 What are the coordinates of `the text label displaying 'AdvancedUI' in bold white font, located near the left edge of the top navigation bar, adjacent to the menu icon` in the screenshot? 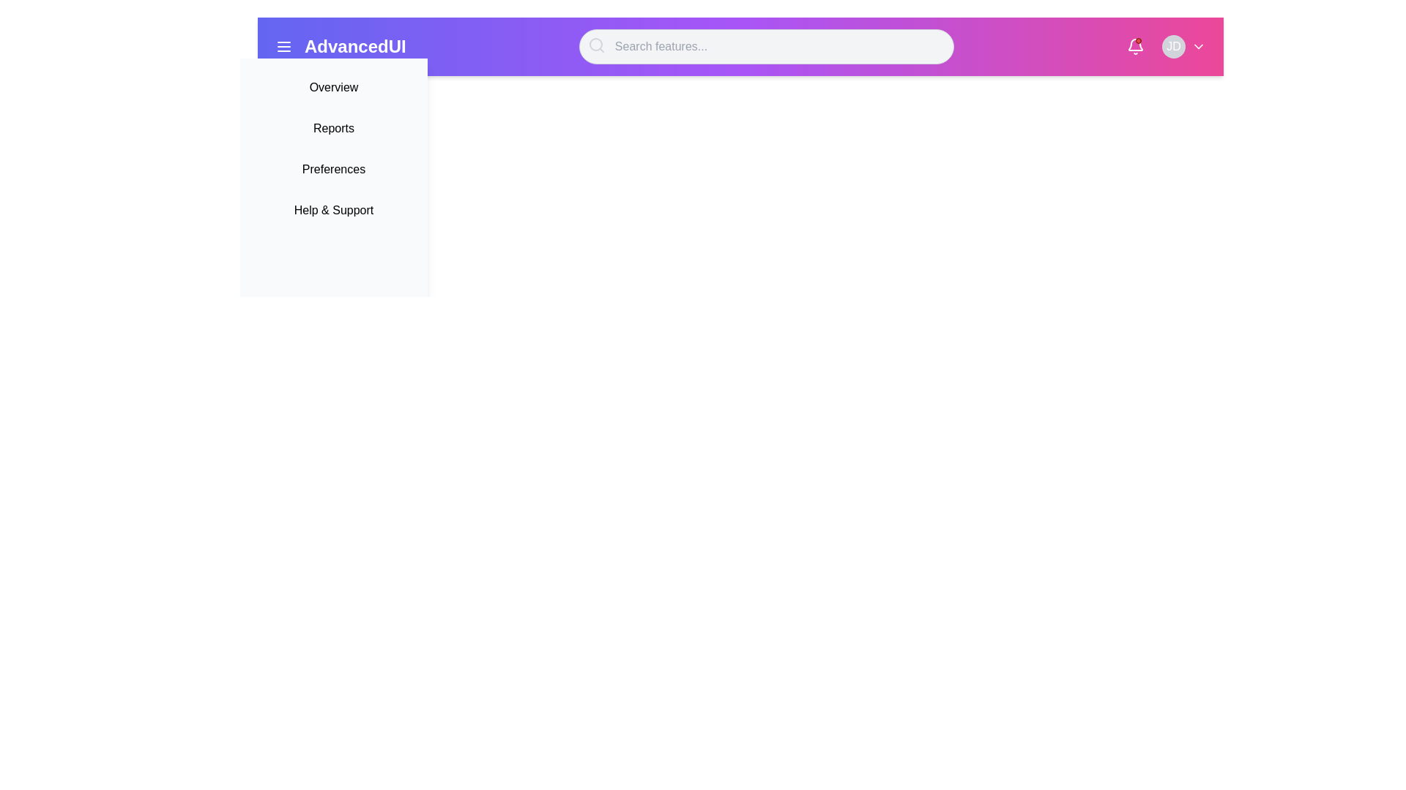 It's located at (340, 46).